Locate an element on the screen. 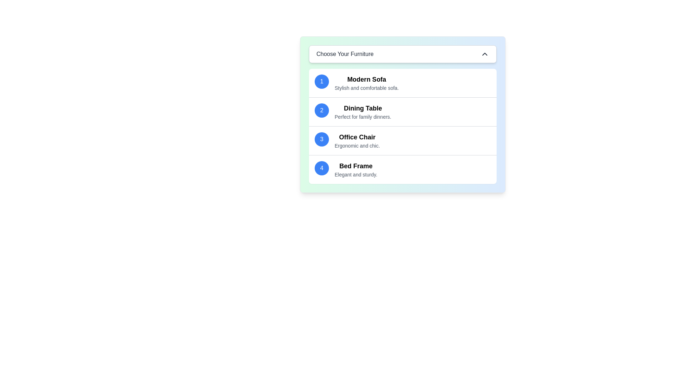  the list item 'Dining Table' with a circular blue background containing the number '2' is located at coordinates (402, 112).